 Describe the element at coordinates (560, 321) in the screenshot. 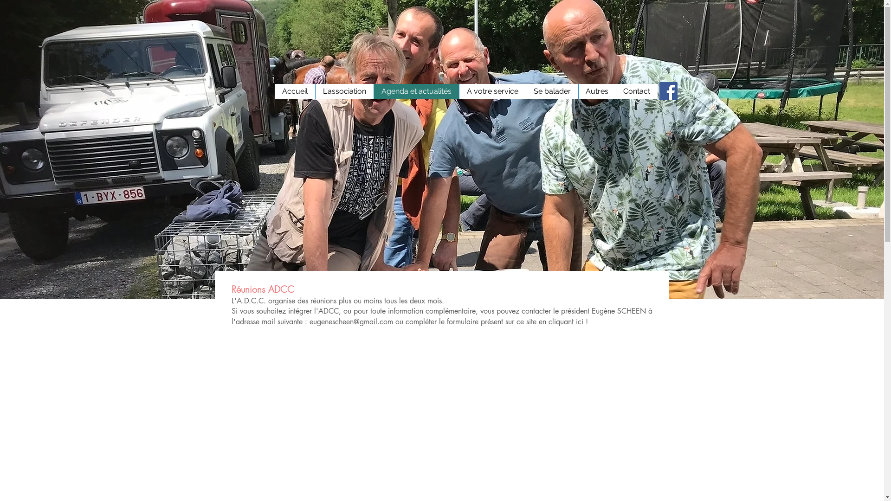

I see `'en cliquant ici'` at that location.